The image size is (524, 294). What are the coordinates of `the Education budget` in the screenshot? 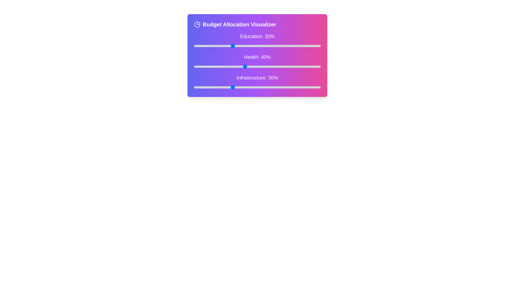 It's located at (310, 46).